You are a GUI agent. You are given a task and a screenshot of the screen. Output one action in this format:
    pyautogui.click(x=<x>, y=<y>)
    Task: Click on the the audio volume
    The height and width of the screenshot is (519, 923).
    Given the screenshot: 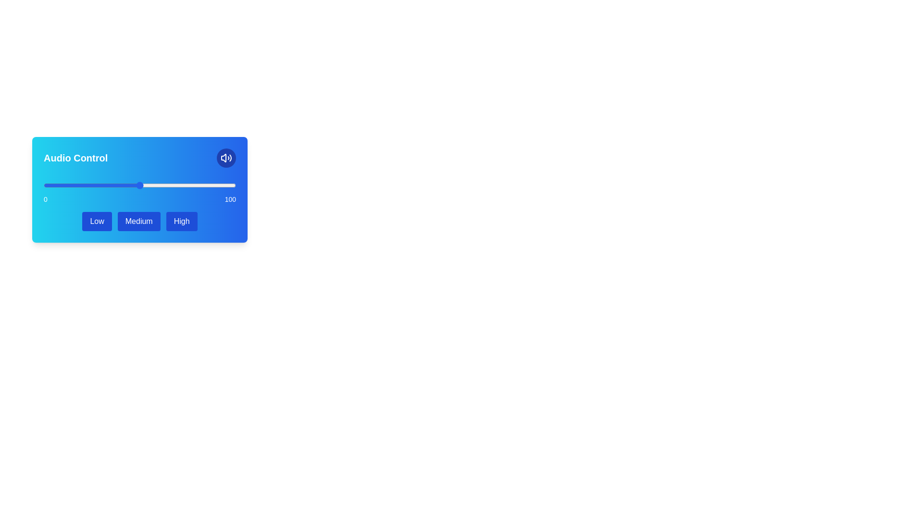 What is the action you would take?
    pyautogui.click(x=62, y=185)
    